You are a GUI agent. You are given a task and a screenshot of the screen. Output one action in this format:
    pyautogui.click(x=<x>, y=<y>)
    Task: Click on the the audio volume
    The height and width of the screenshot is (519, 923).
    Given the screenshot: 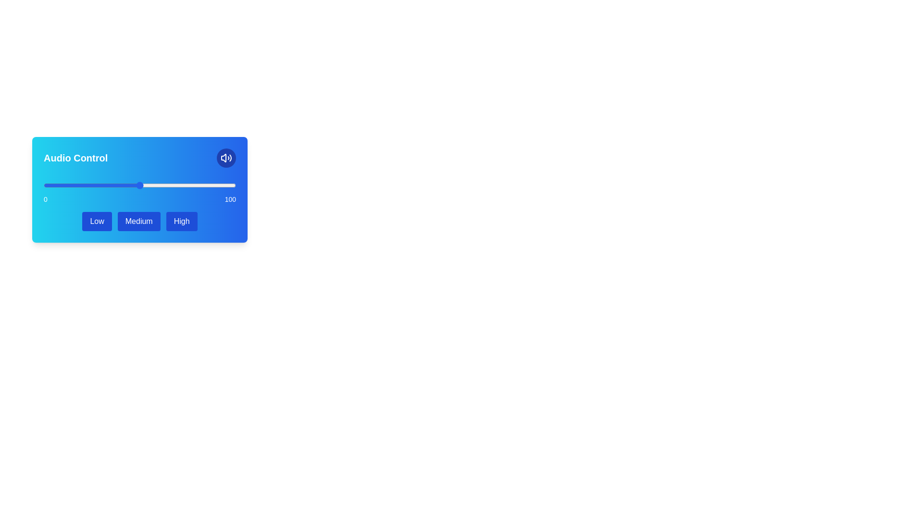 What is the action you would take?
    pyautogui.click(x=62, y=185)
    